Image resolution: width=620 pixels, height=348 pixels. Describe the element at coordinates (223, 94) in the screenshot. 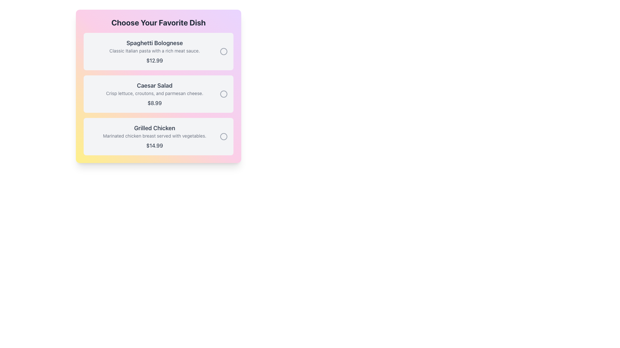

I see `the circular graphical element associated with the 'Caesar Salad' option` at that location.